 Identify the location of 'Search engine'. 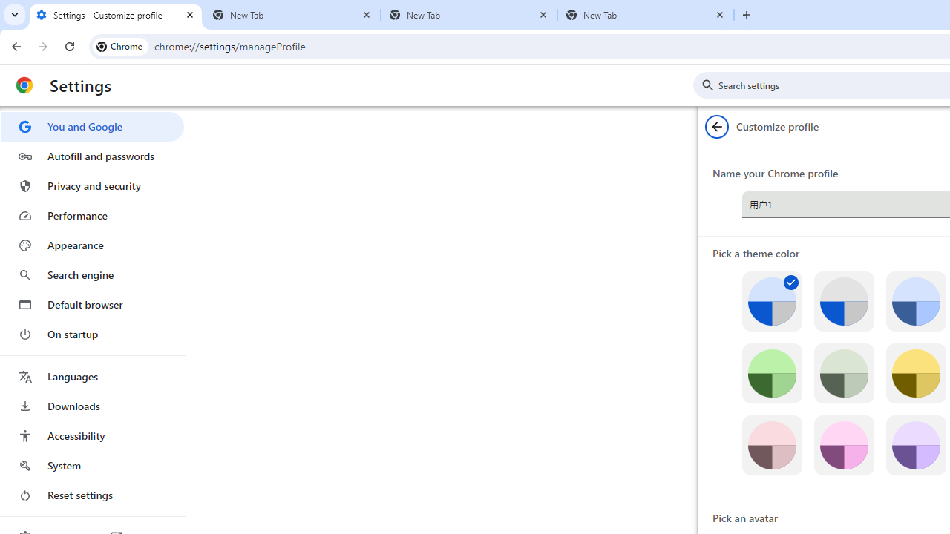
(91, 275).